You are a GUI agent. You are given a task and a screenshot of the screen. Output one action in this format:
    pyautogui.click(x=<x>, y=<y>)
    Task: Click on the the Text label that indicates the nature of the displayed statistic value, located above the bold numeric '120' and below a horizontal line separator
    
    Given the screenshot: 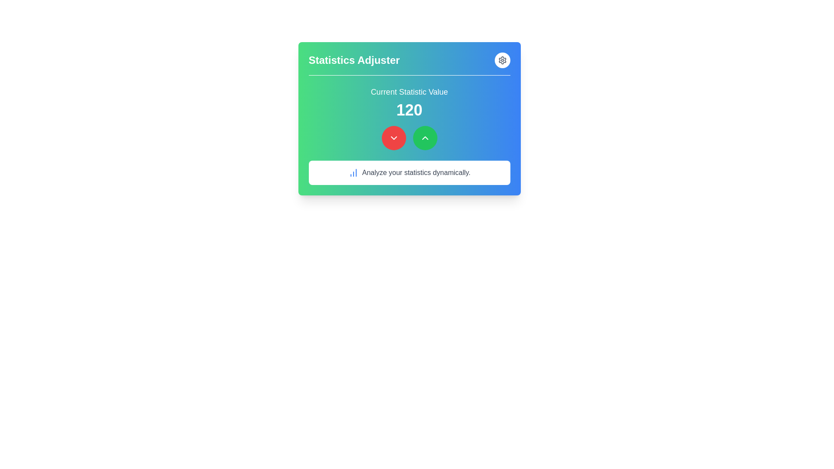 What is the action you would take?
    pyautogui.click(x=409, y=92)
    